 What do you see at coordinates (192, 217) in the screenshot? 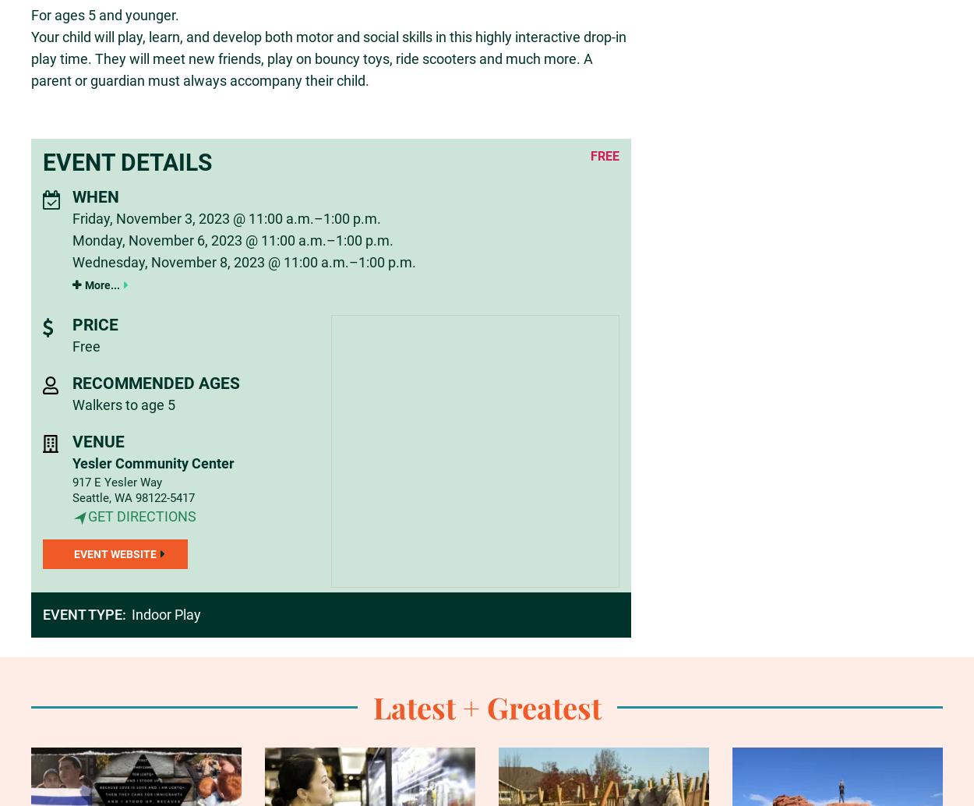
I see `'Friday, November 3, 2023 @ 11:00 a.m.'` at bounding box center [192, 217].